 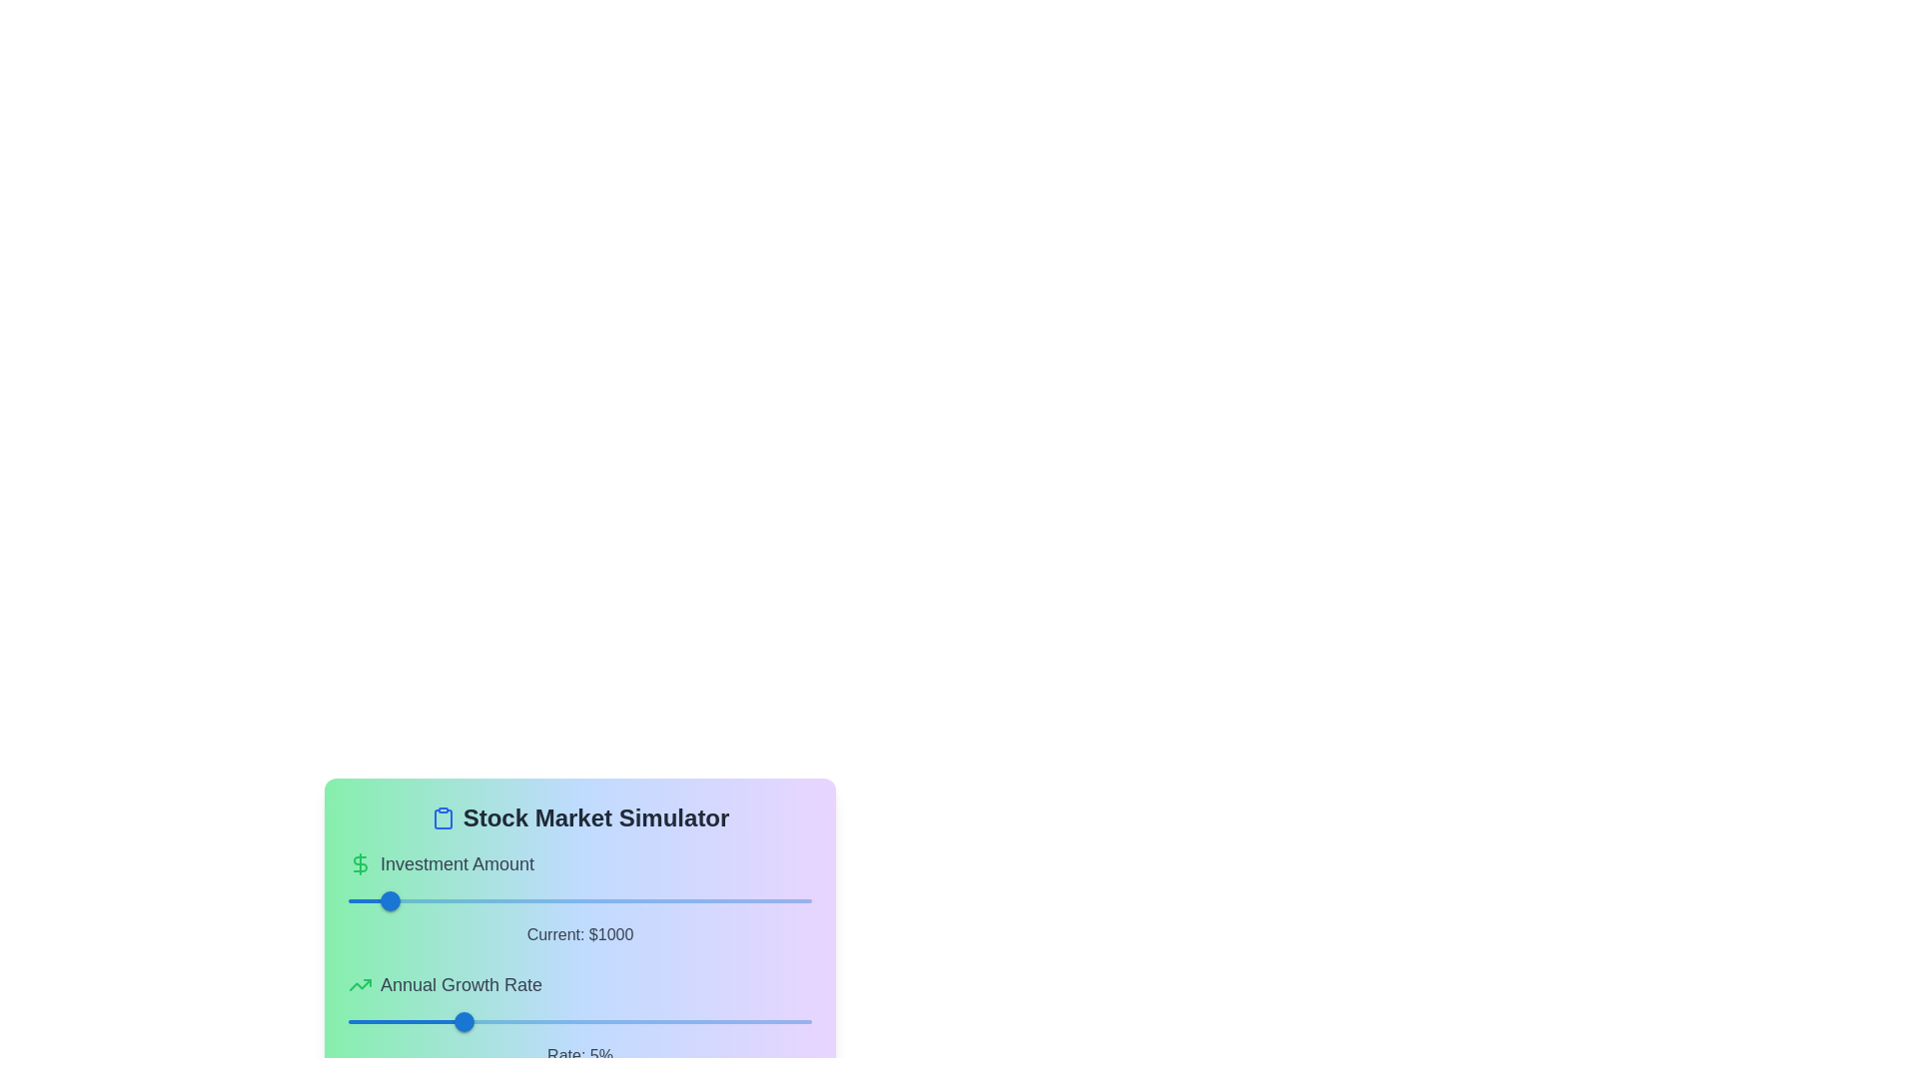 I want to click on the upward trending growth icon located to the left of the 'Annual Growth Rate' label, which serves a decorative and informational purpose, so click(x=360, y=984).